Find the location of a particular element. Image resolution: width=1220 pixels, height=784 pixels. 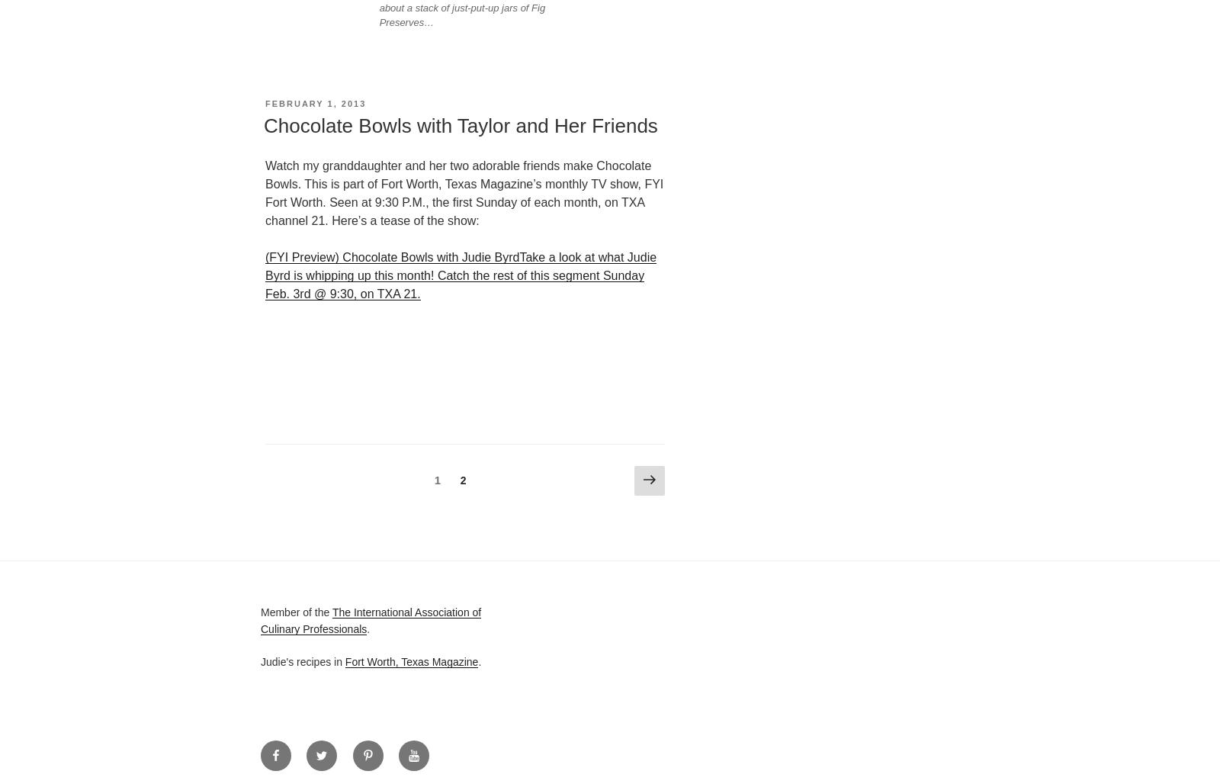

'Chocolate Bowls with Taylor and Her Friends' is located at coordinates (461, 125).